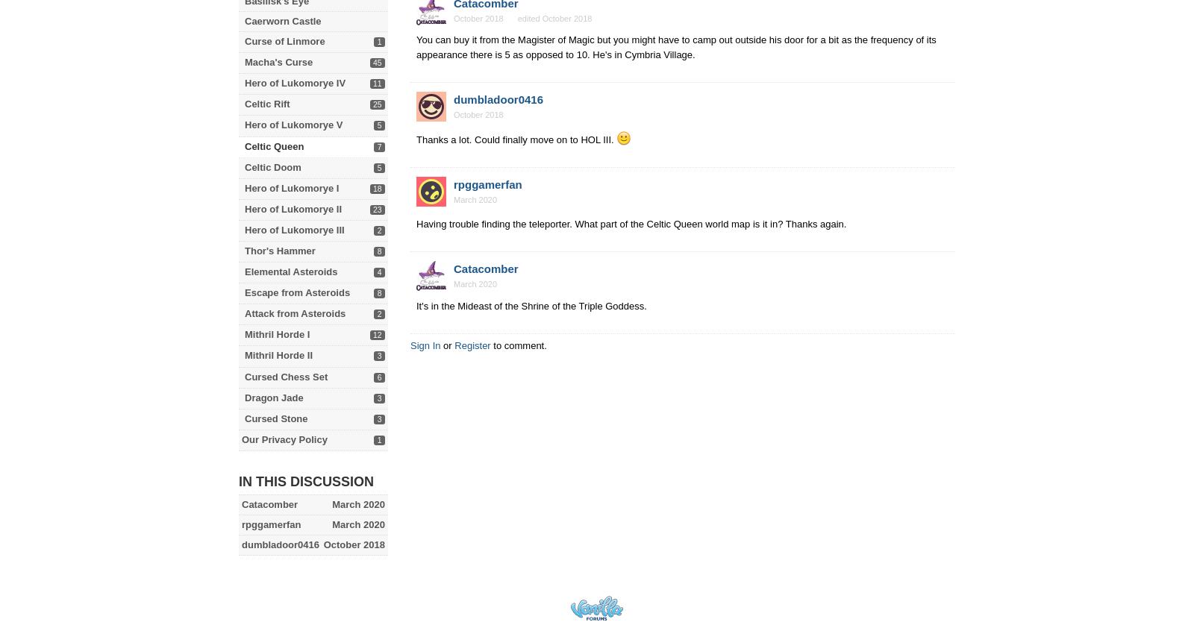 The image size is (1194, 625). What do you see at coordinates (280, 250) in the screenshot?
I see `'Thor's Hammer'` at bounding box center [280, 250].